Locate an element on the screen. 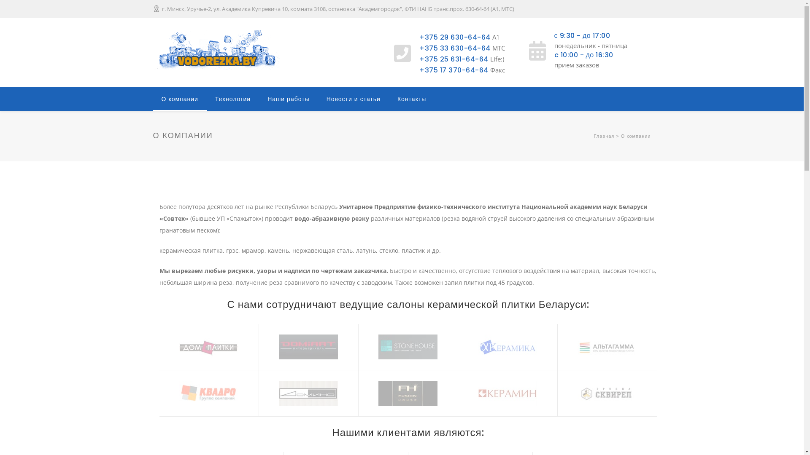  '+375 17 370-64-64' is located at coordinates (453, 70).